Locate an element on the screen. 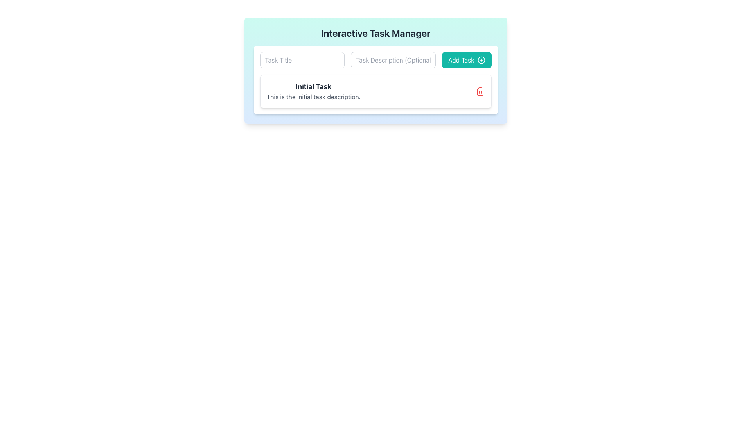 This screenshot has width=751, height=422. the Text Block that displays the task information, which includes the title 'Initial Task' and its description is located at coordinates (313, 91).